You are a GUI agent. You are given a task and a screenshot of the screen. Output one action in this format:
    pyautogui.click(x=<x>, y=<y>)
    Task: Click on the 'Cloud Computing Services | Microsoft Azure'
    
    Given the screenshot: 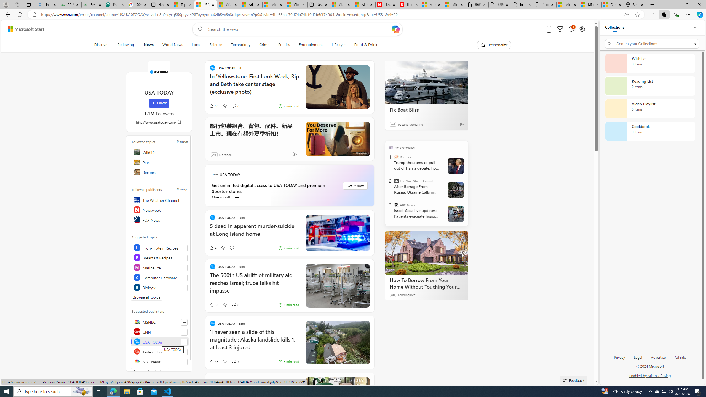 What is the action you would take?
    pyautogui.click(x=296, y=4)
    